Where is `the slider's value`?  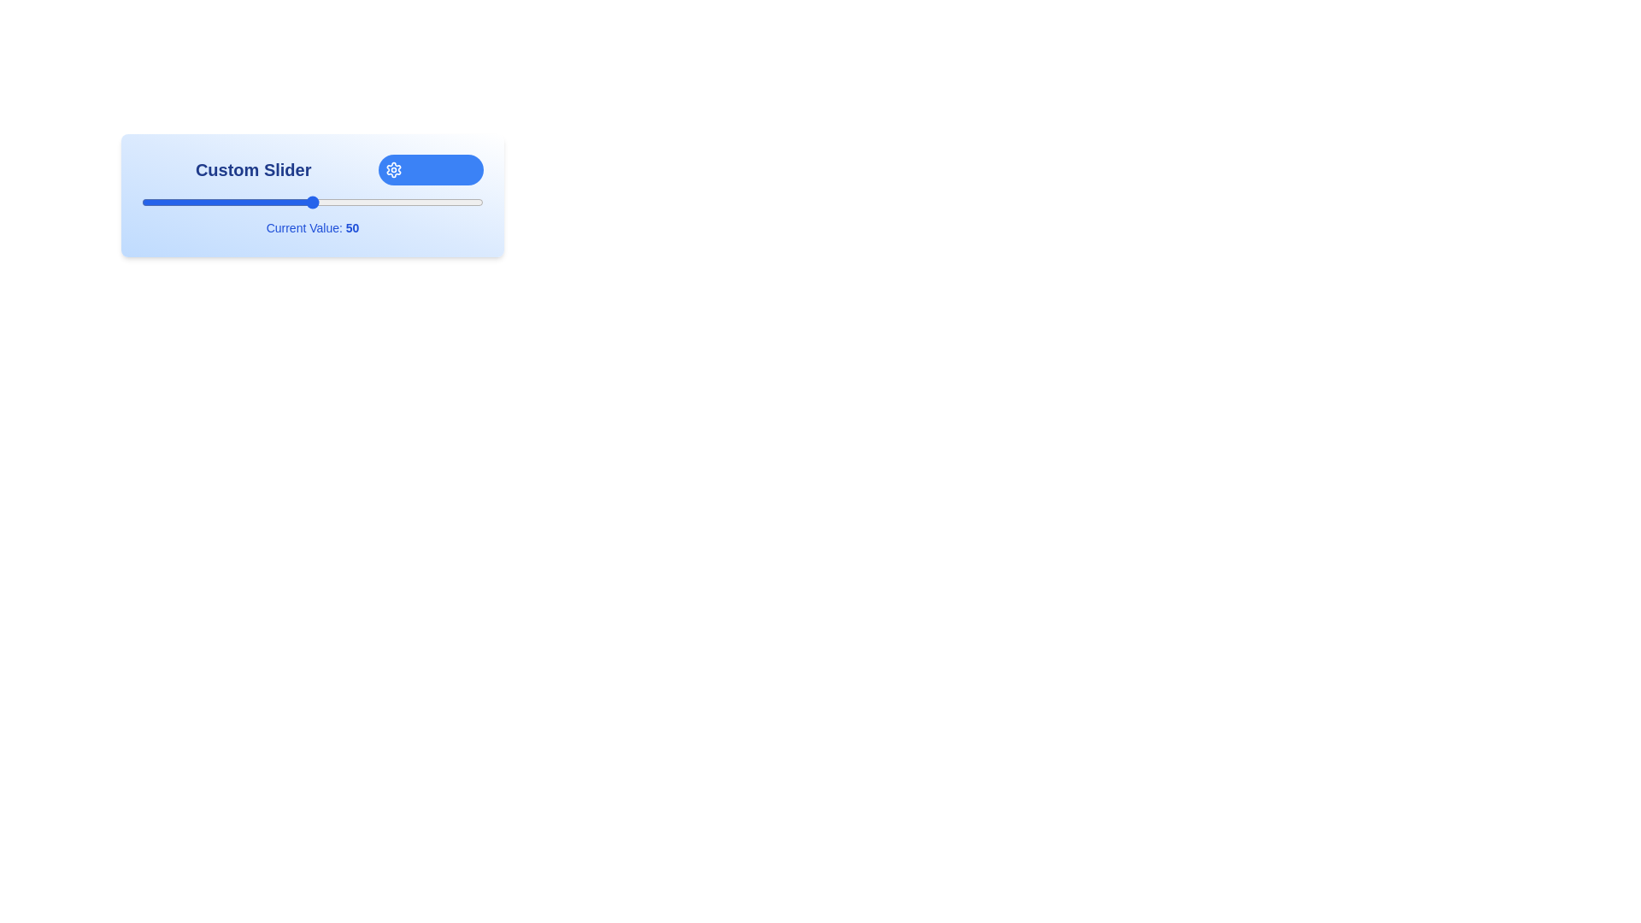 the slider's value is located at coordinates (279, 201).